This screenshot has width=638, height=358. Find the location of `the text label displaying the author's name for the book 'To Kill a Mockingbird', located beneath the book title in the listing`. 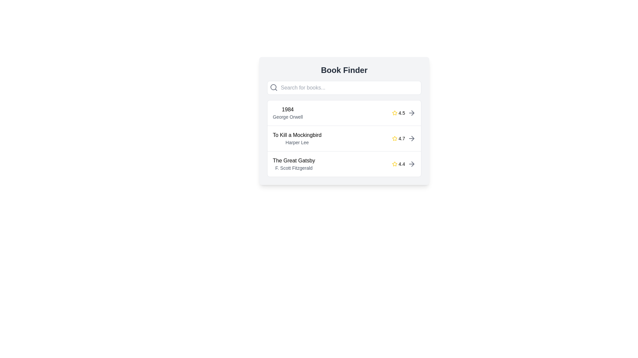

the text label displaying the author's name for the book 'To Kill a Mockingbird', located beneath the book title in the listing is located at coordinates (297, 142).